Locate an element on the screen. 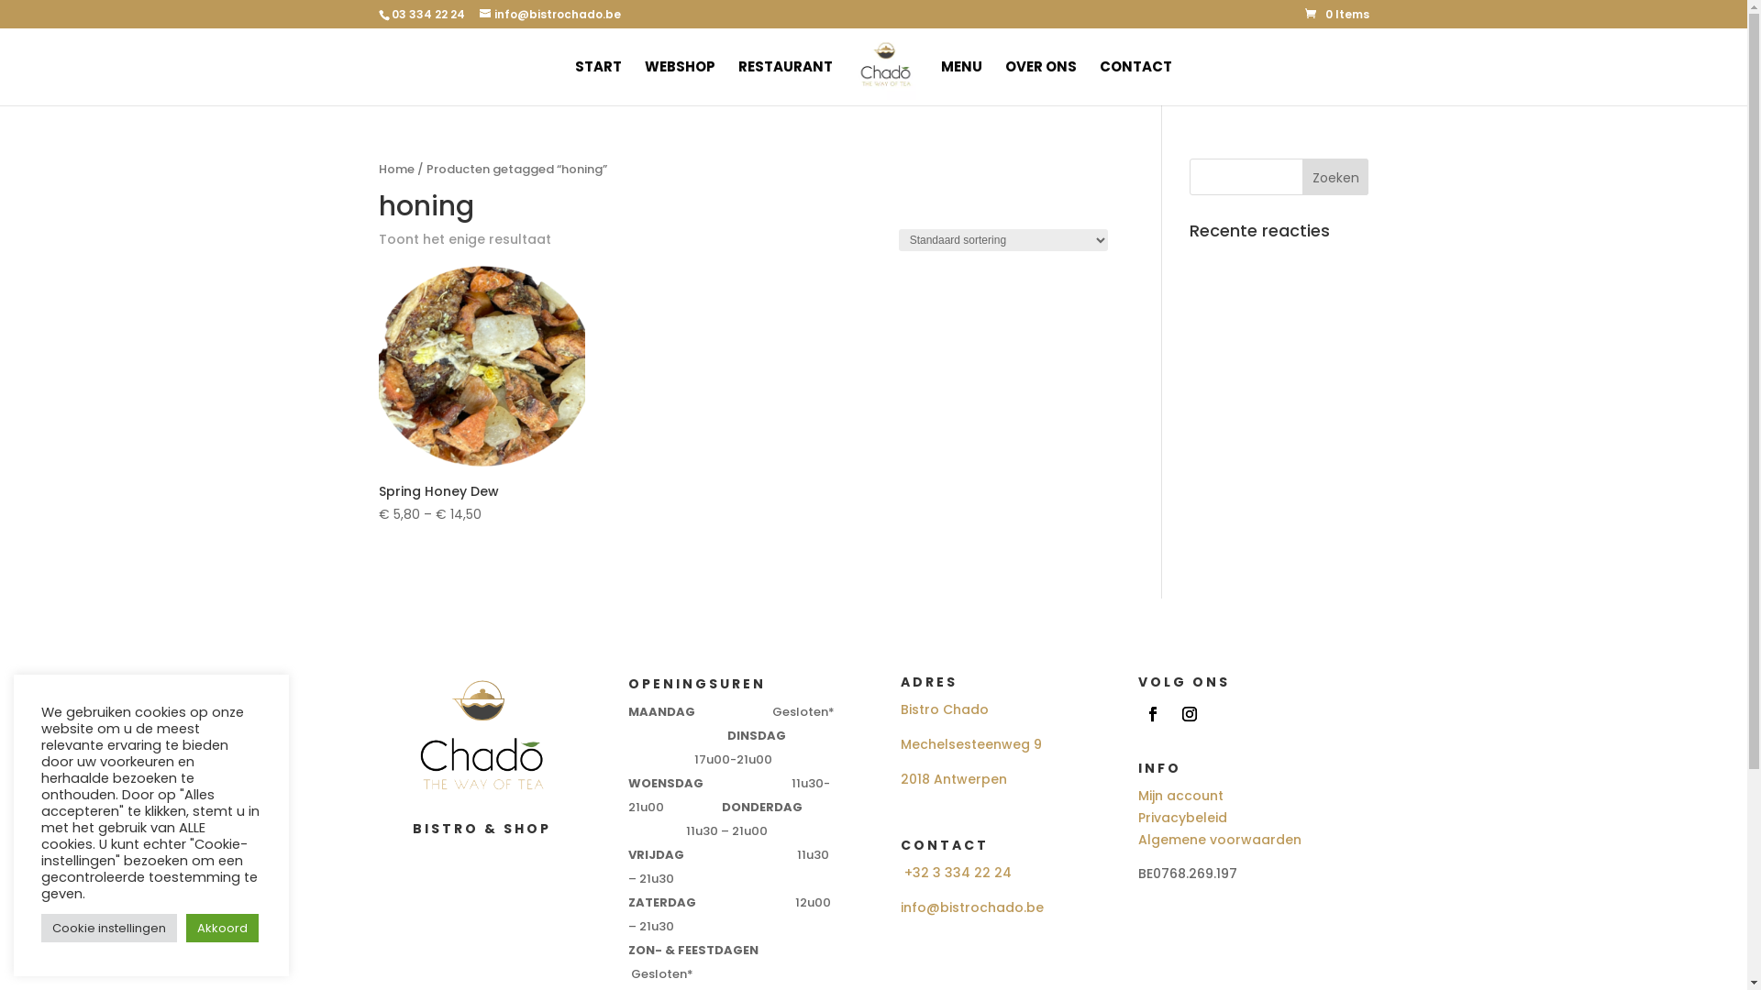 The width and height of the screenshot is (1761, 990). 'Algemene voorwaarden' is located at coordinates (1219, 839).